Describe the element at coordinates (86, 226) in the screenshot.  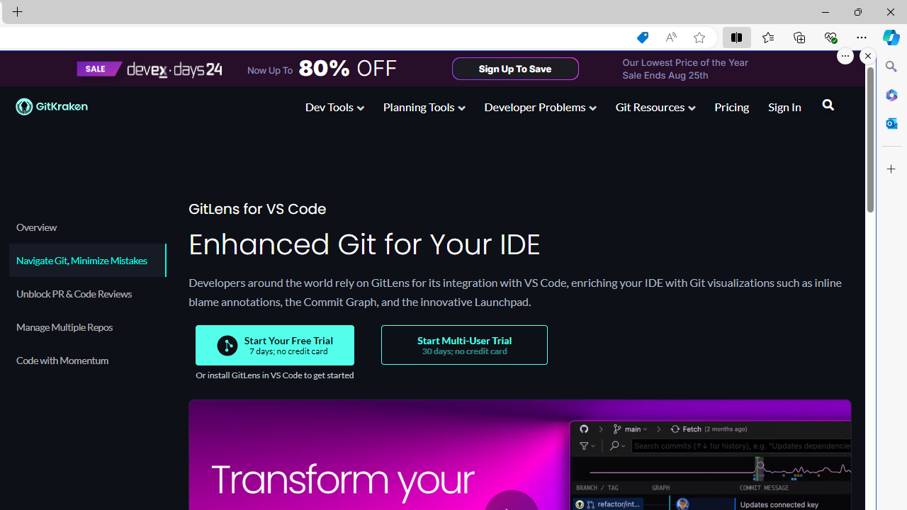
I see `'Overview'` at that location.